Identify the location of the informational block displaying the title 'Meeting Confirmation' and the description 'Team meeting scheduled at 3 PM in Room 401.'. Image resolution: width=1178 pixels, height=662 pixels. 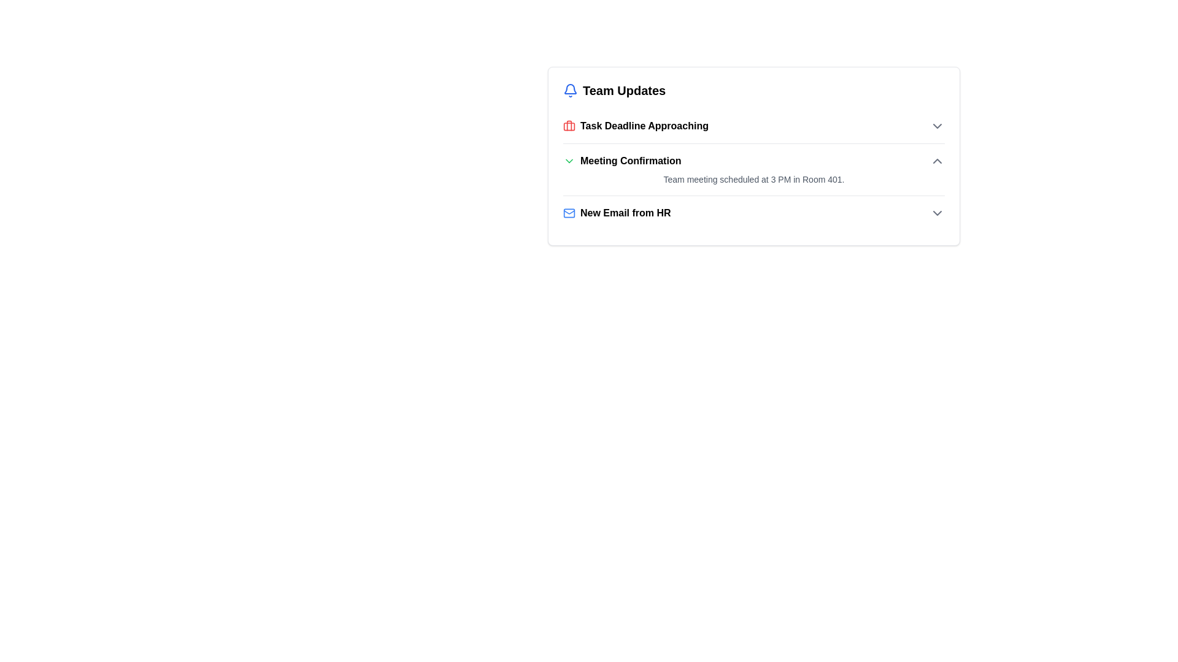
(753, 169).